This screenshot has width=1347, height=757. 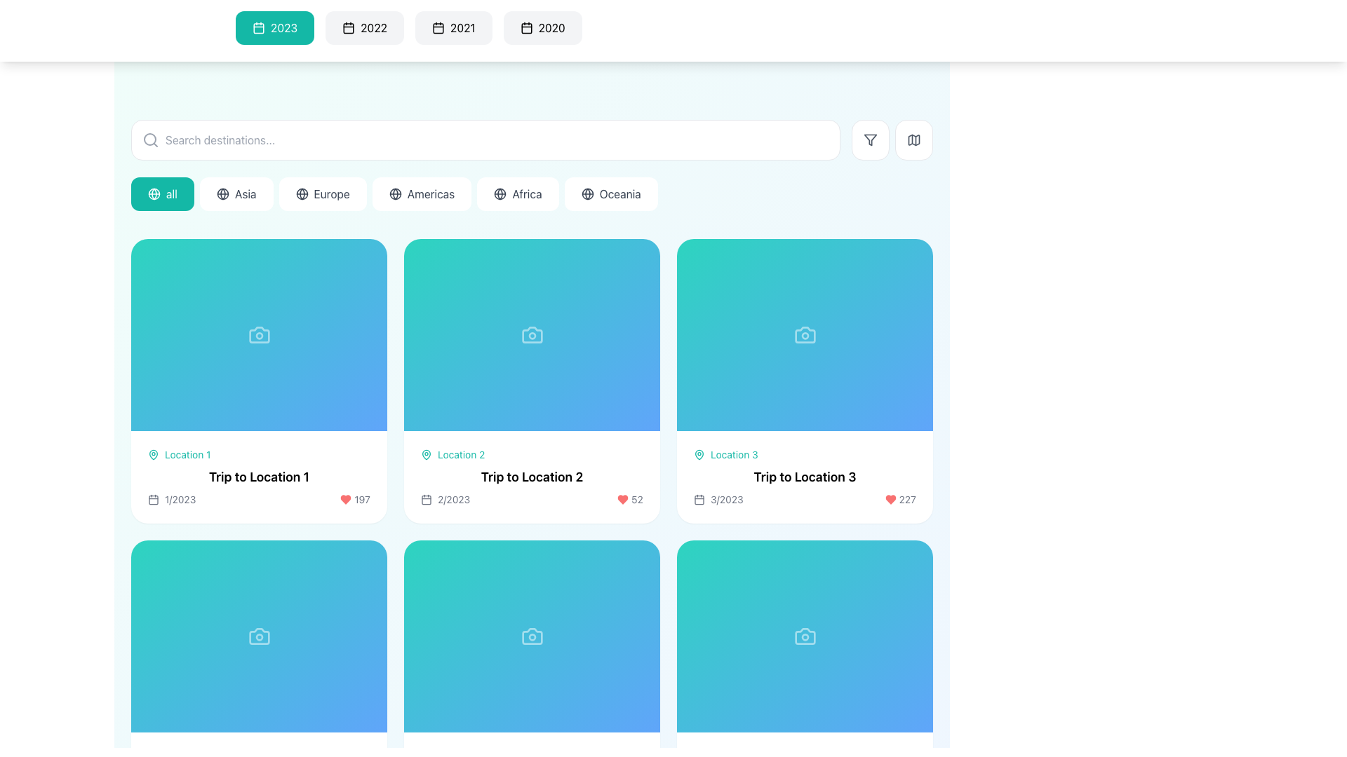 What do you see at coordinates (171, 498) in the screenshot?
I see `the date label indicating the starting date for the trip, located in the first card under 'Trip to Location 1', positioned to the left of the heart-shaped icon` at bounding box center [171, 498].